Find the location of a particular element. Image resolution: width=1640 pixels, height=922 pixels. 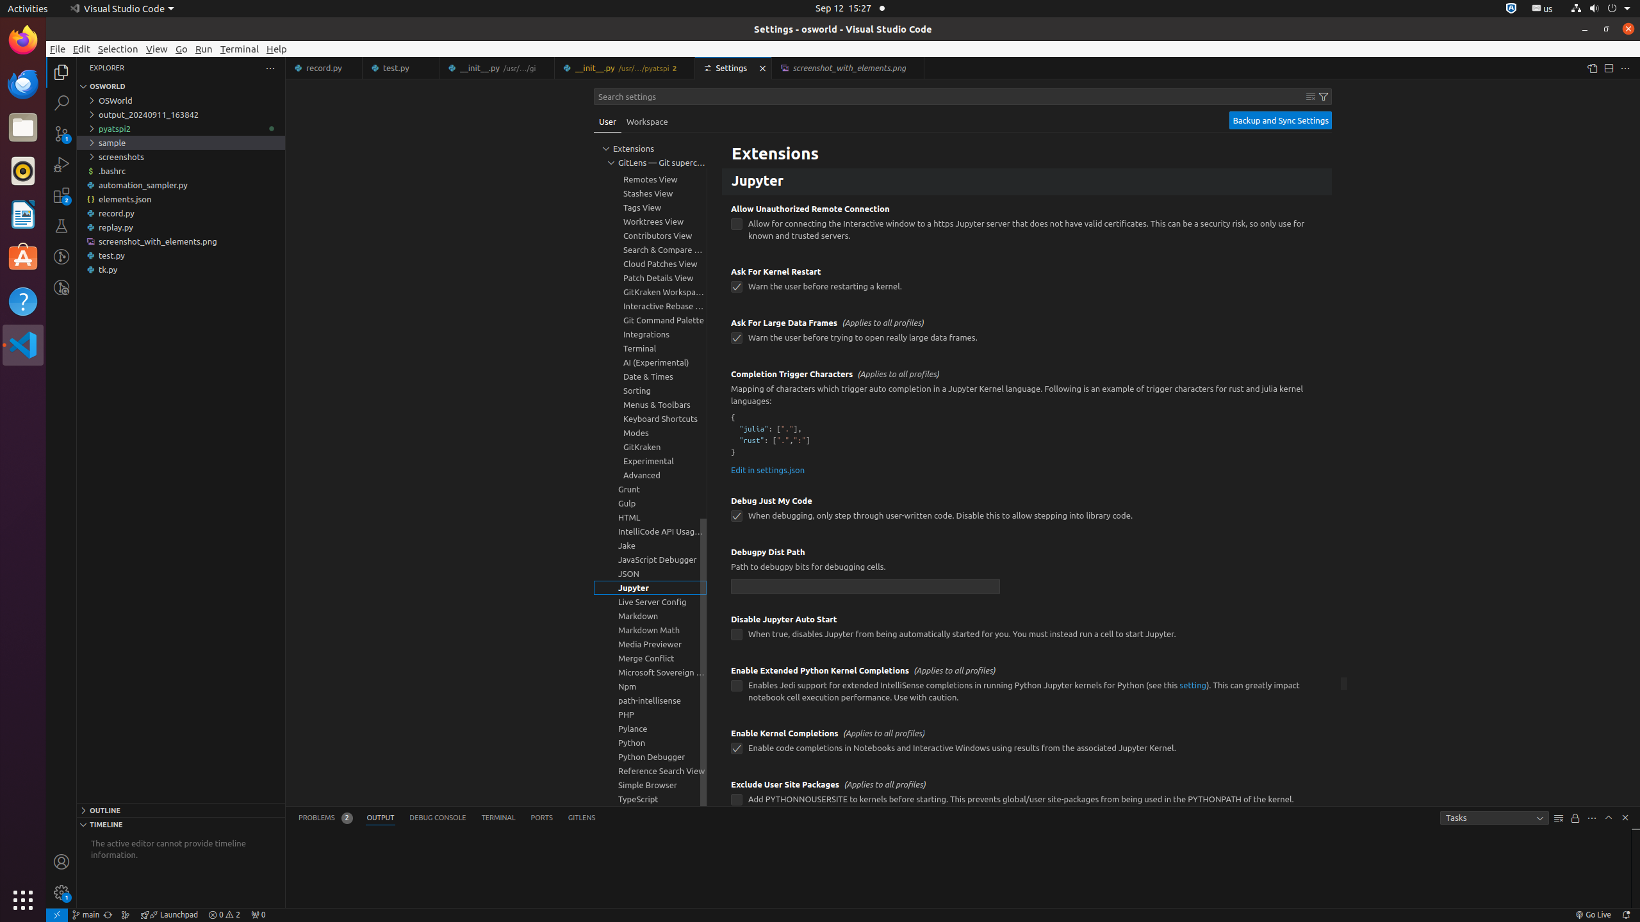

'Notifications' is located at coordinates (1625, 914).